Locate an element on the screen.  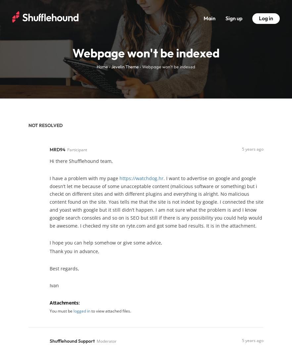
'Moderator' is located at coordinates (96, 341).